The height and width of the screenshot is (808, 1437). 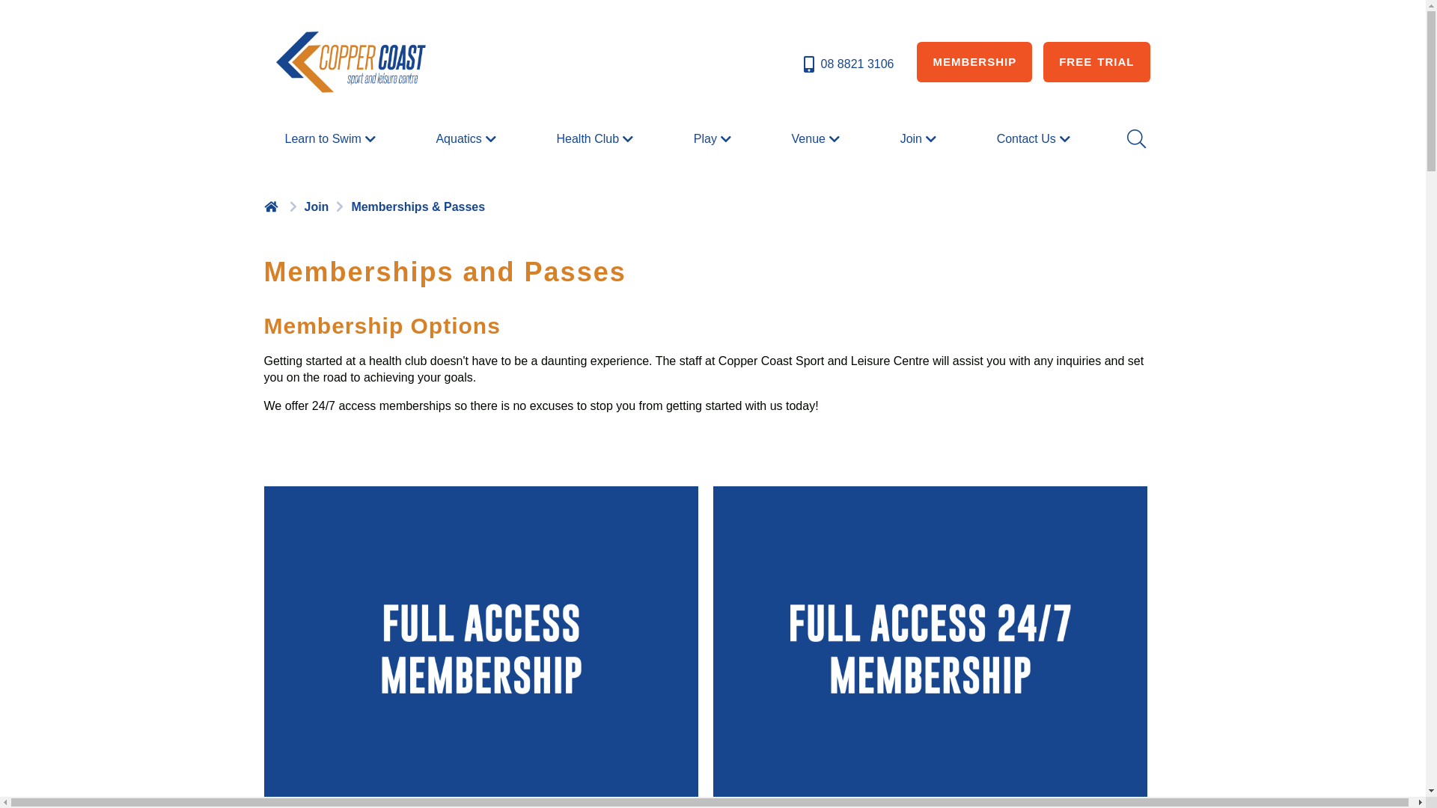 What do you see at coordinates (1135, 138) in the screenshot?
I see `'Search'` at bounding box center [1135, 138].